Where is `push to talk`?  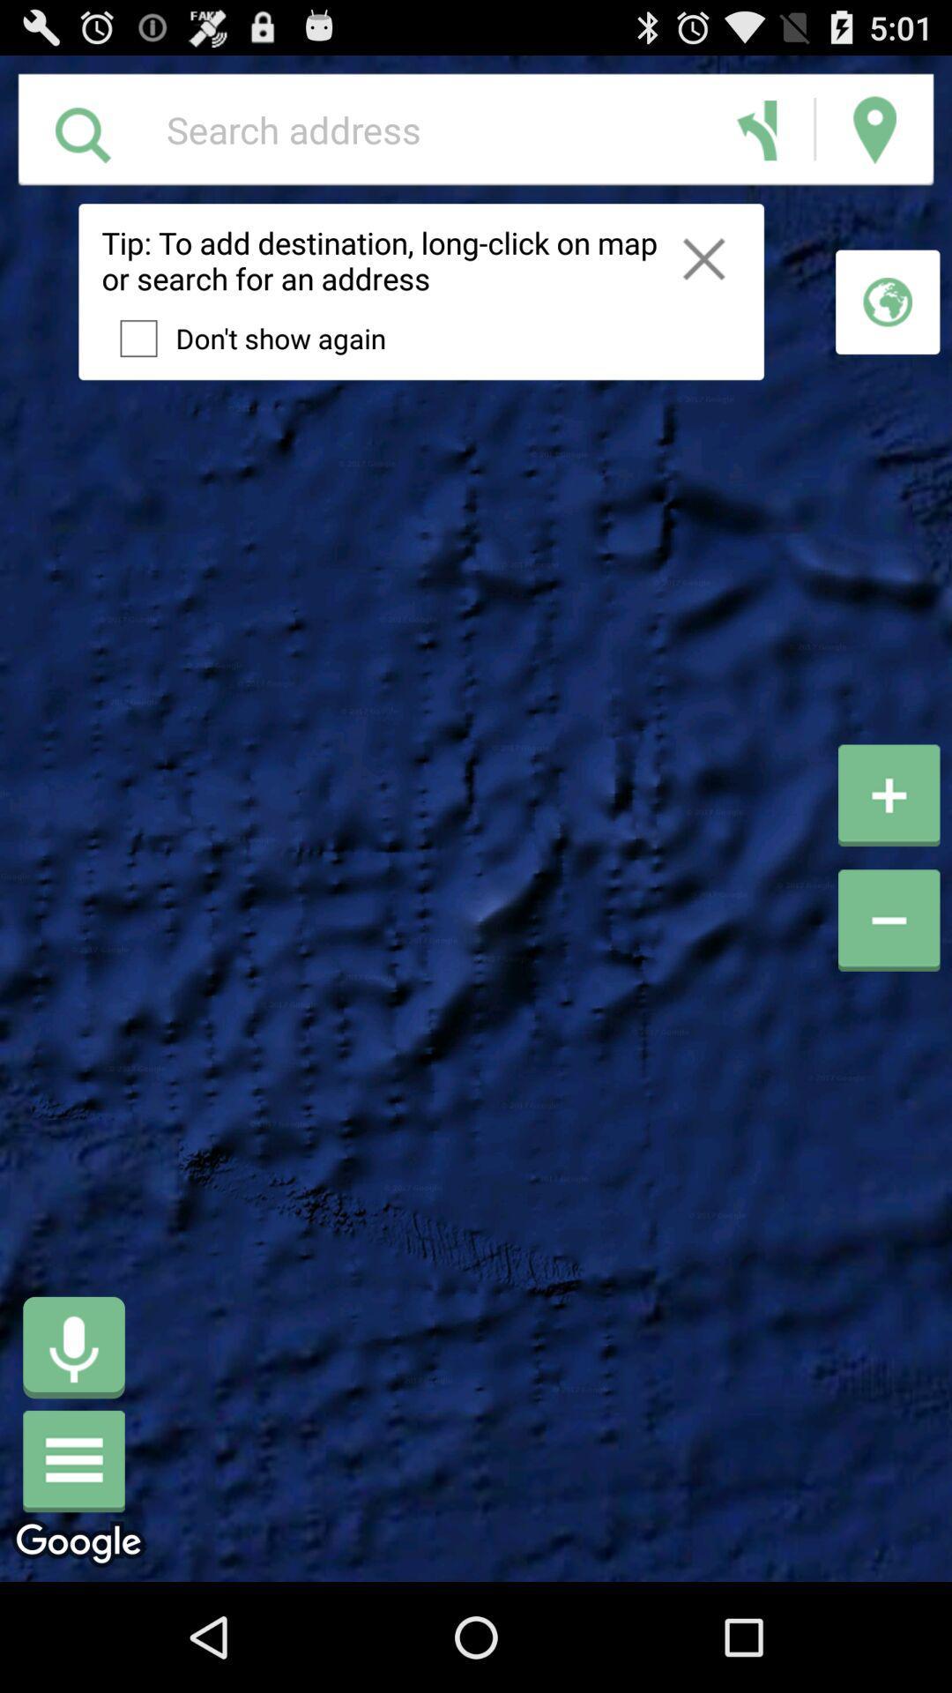 push to talk is located at coordinates (73, 1346).